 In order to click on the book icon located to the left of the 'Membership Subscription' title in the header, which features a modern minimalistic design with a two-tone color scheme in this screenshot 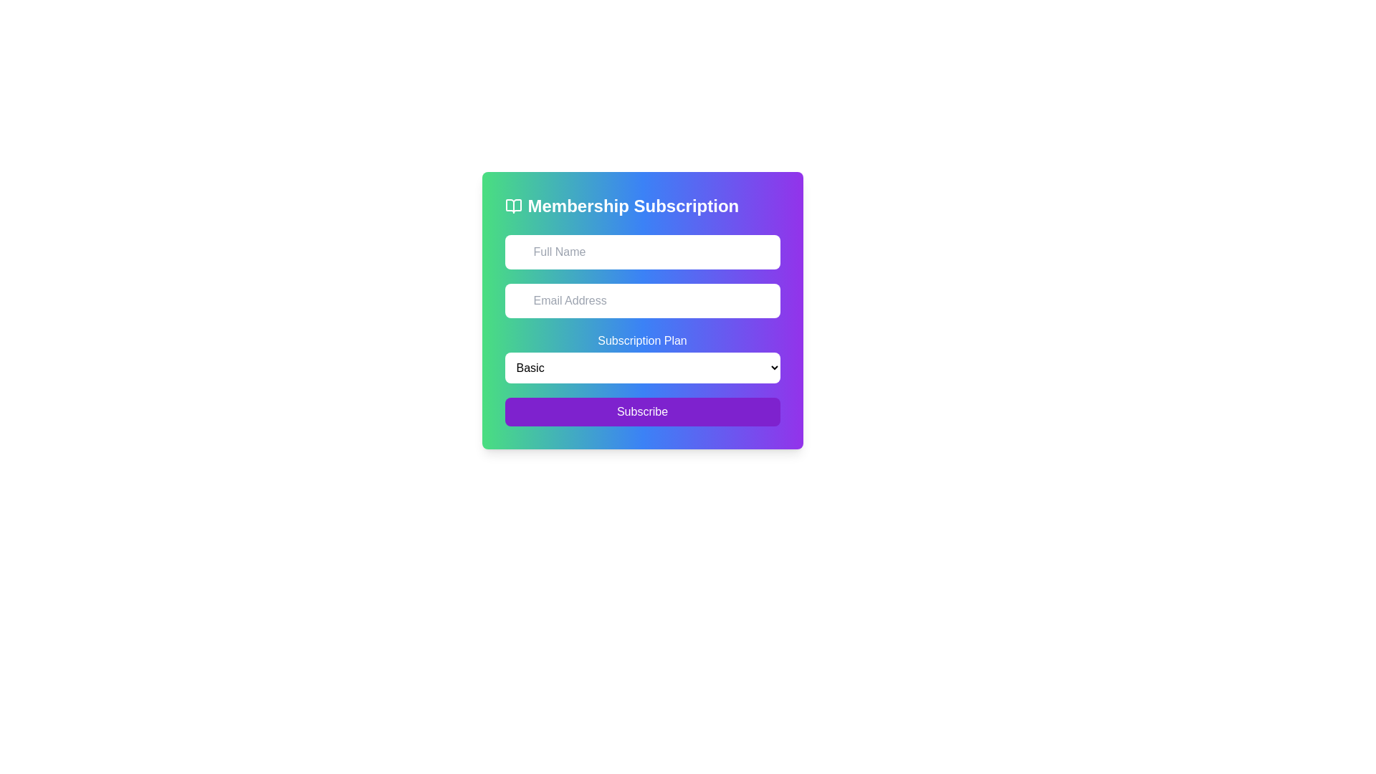, I will do `click(513, 206)`.